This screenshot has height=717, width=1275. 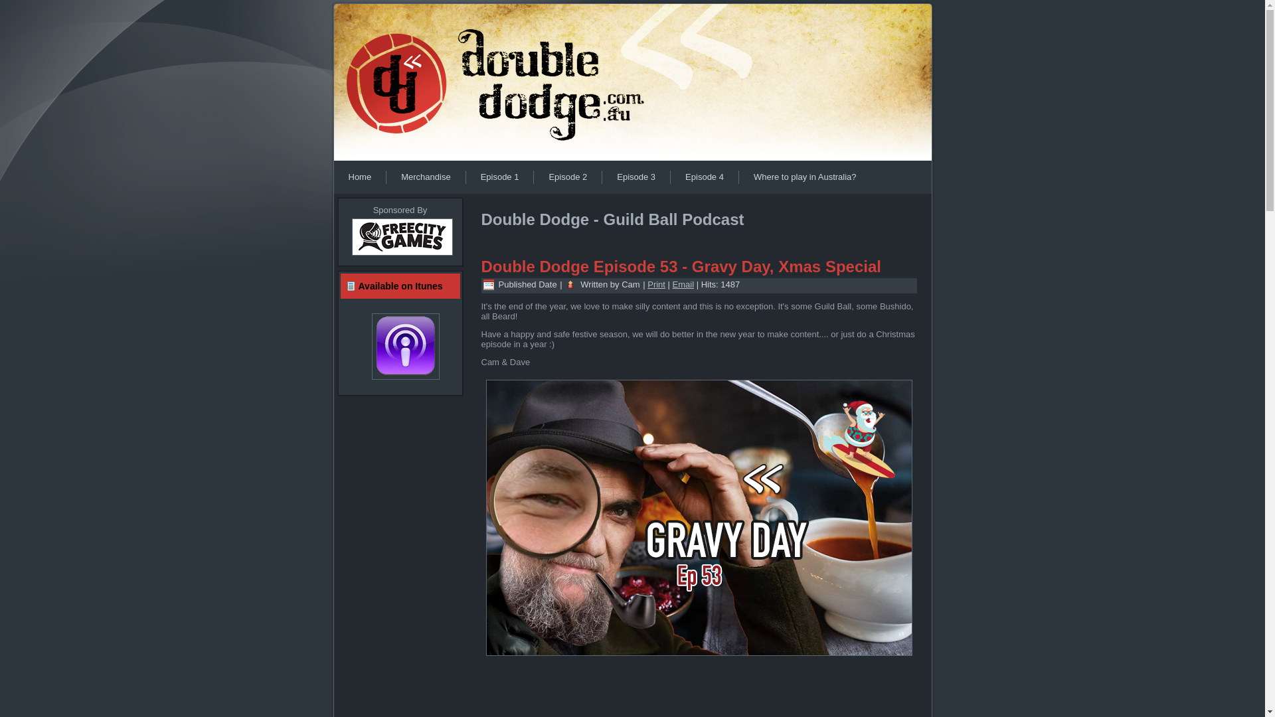 What do you see at coordinates (385, 176) in the screenshot?
I see `'Merchandise'` at bounding box center [385, 176].